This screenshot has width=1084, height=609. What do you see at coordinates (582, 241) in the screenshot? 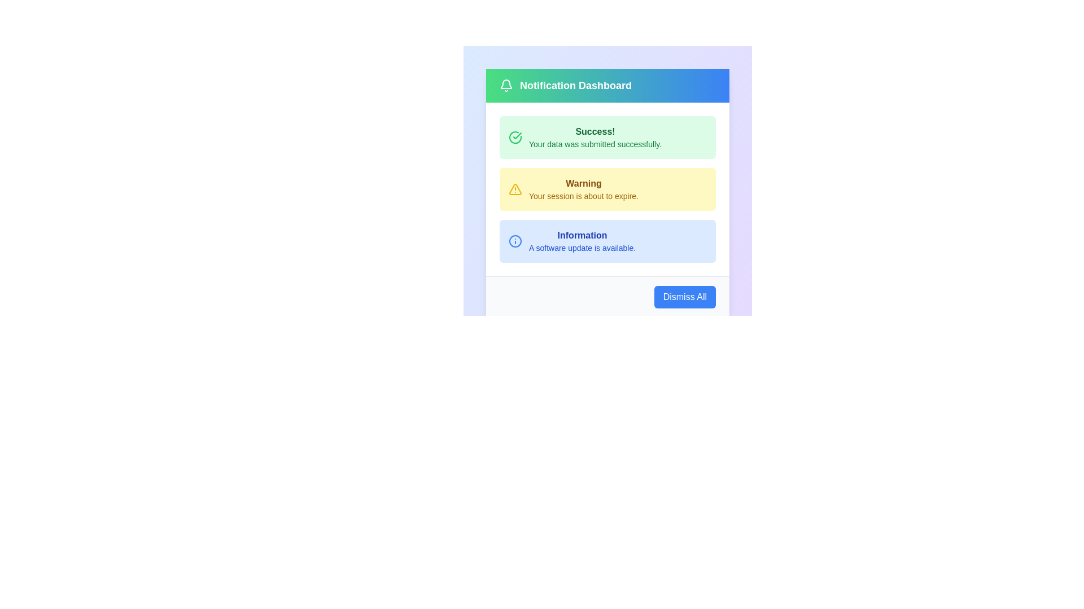
I see `the information display text block that indicates a software update is available, located in the third notification block beneath the 'Warning' notification` at bounding box center [582, 241].